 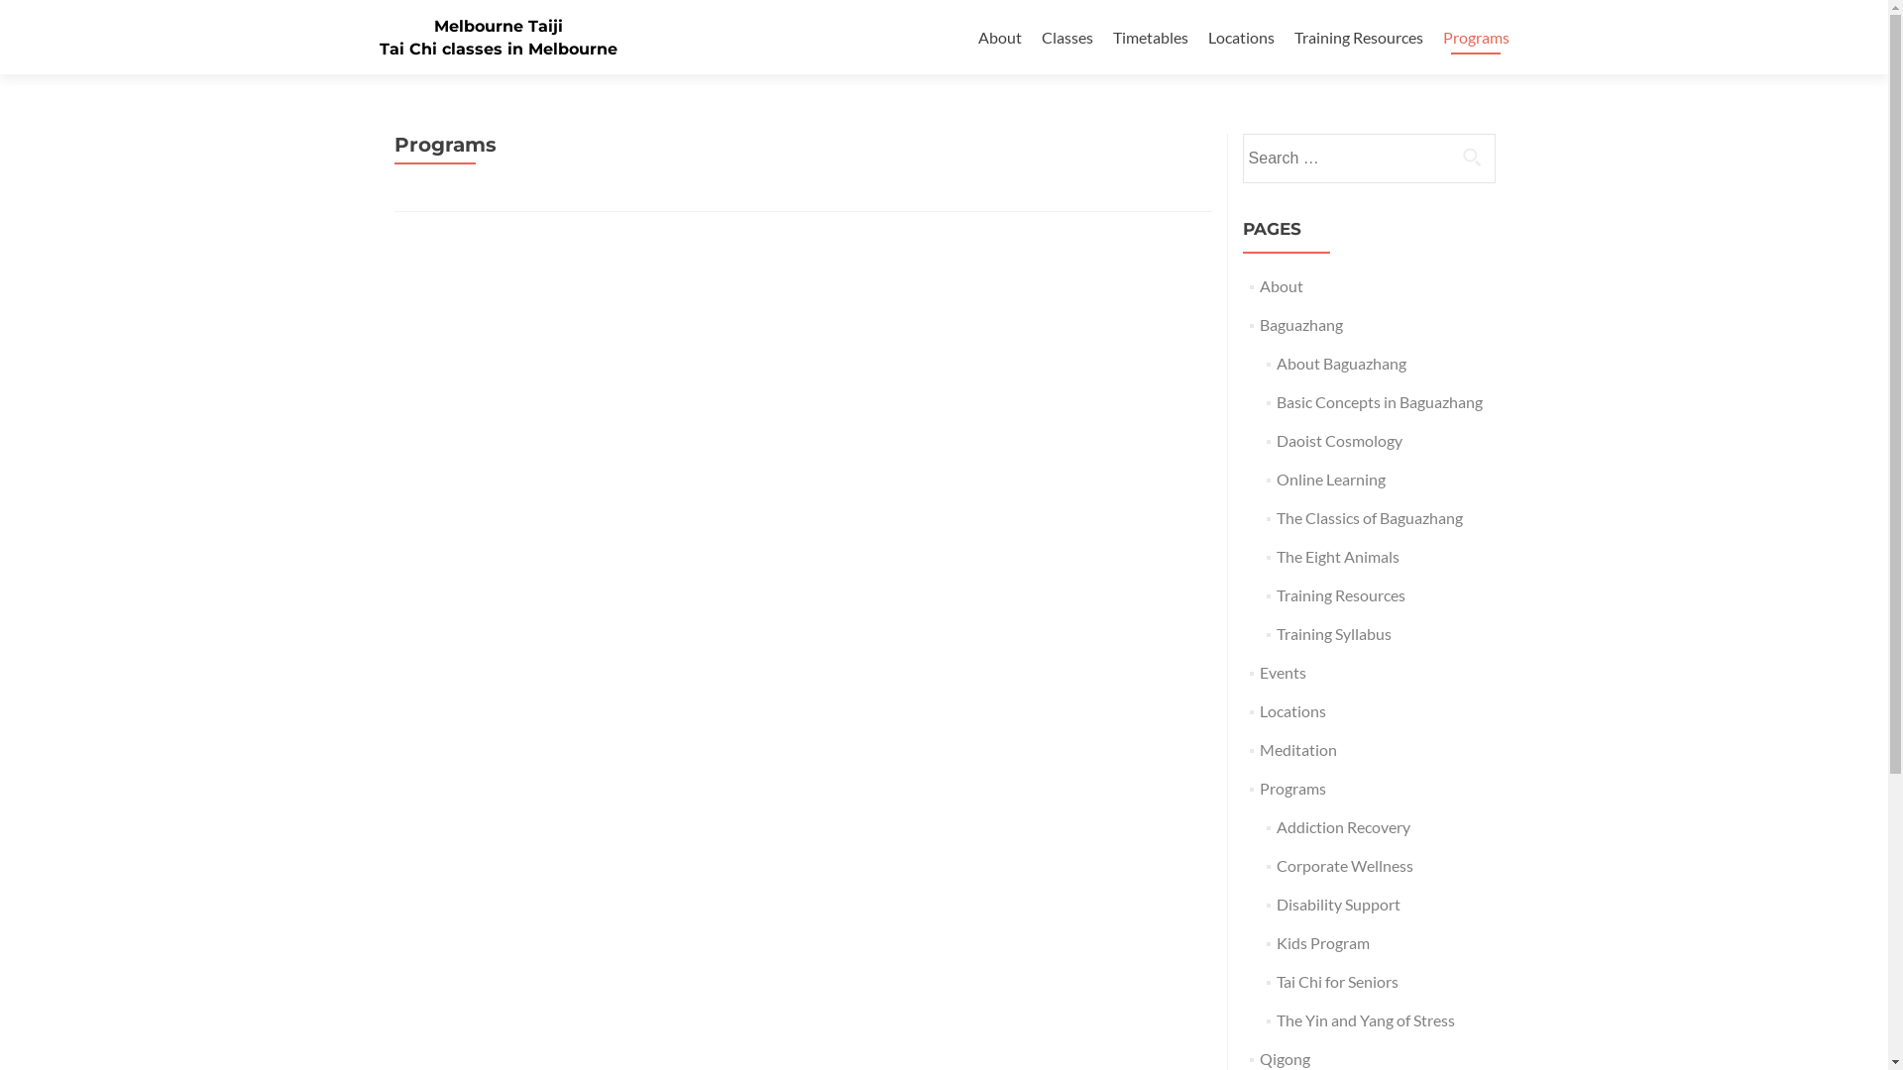 I want to click on 'Melbourne Taiji', so click(x=499, y=26).